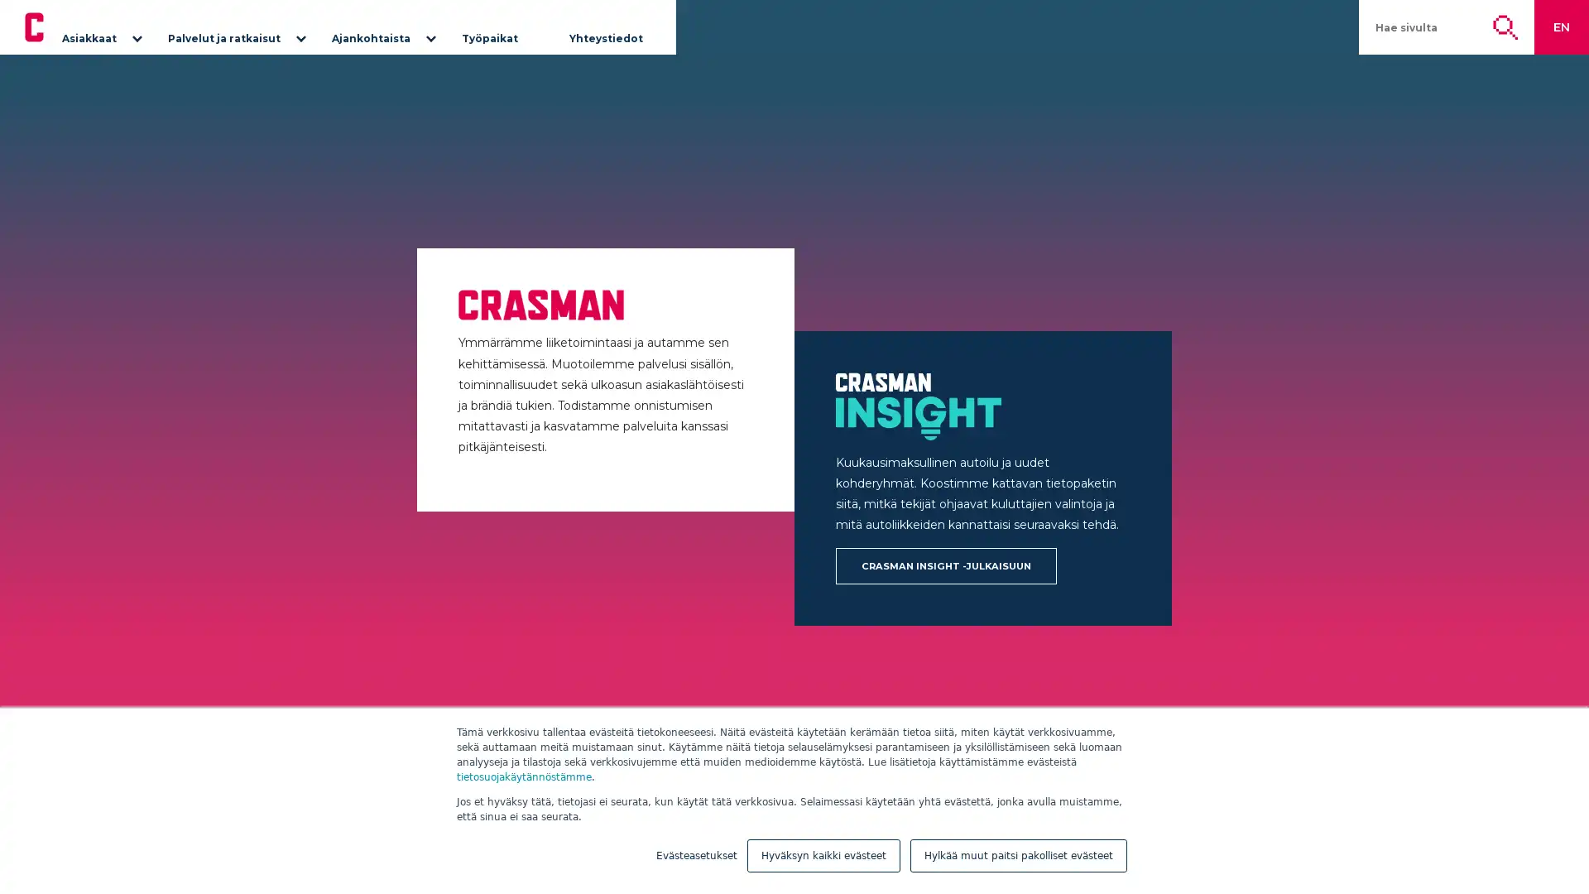  I want to click on Hylkaa muut paitsi pakolliset evasteet, so click(1017, 855).